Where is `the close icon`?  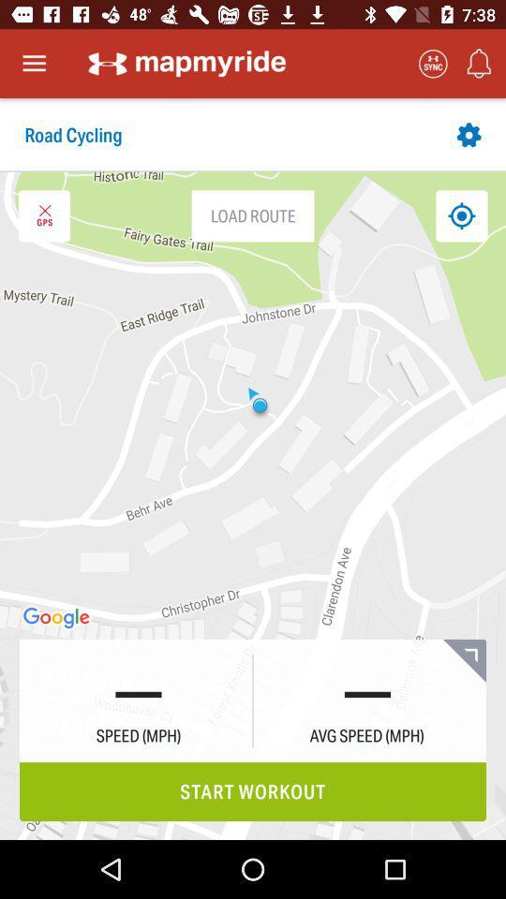 the close icon is located at coordinates (44, 215).